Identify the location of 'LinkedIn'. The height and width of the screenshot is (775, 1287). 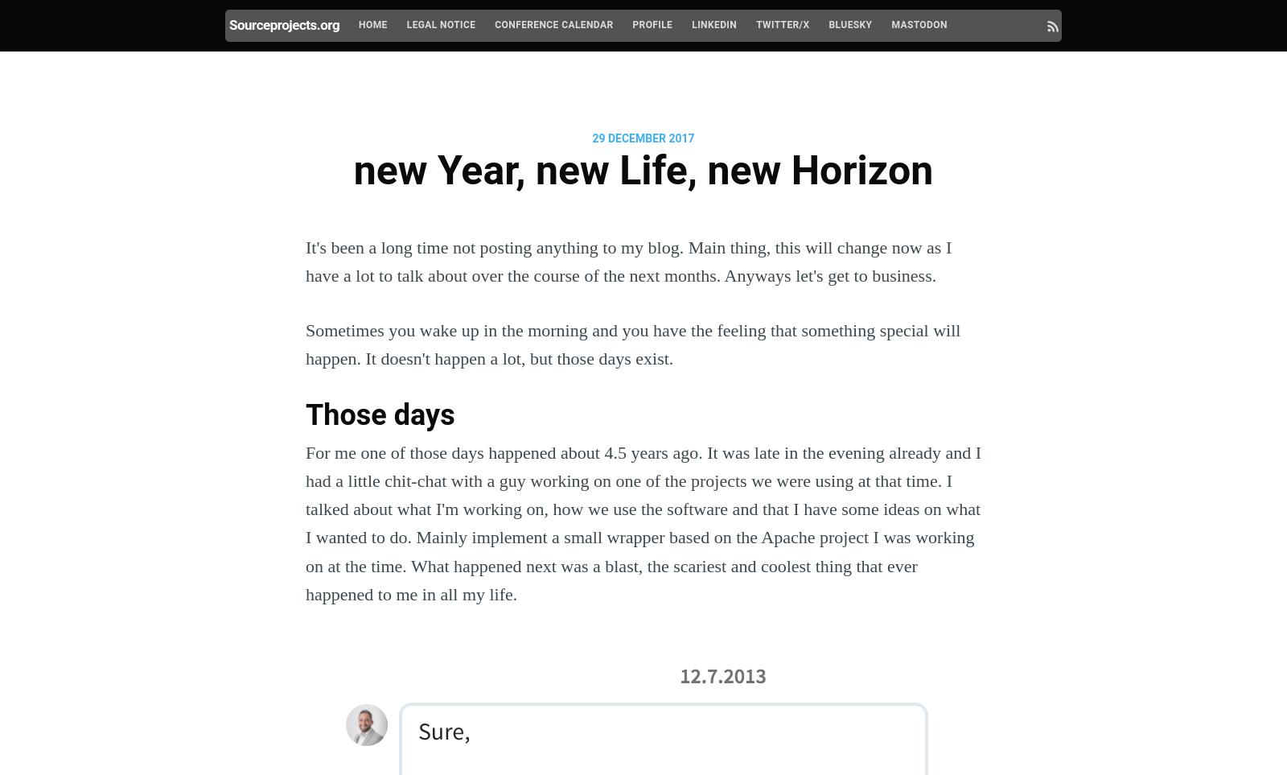
(691, 24).